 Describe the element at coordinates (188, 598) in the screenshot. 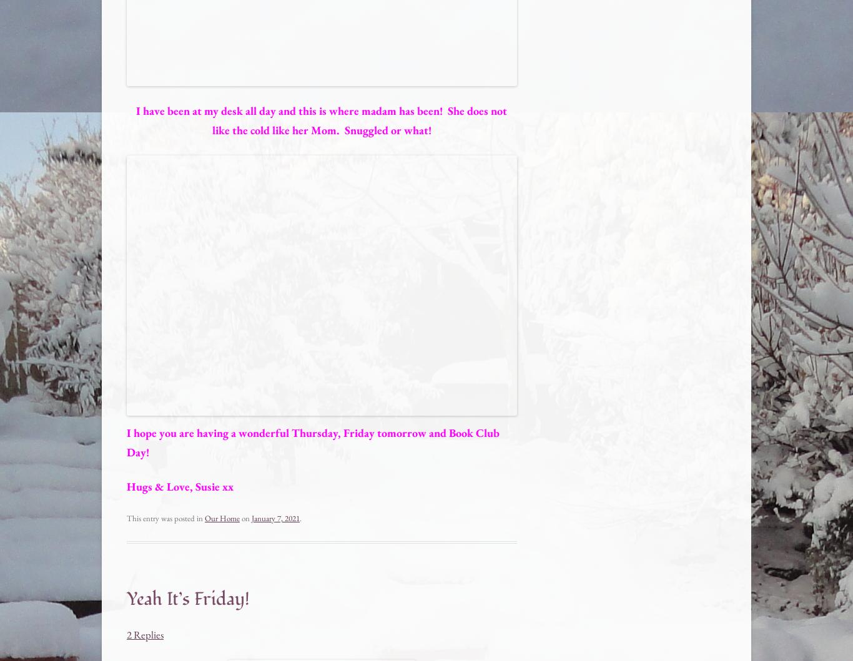

I see `'Yeah It’s Friday!'` at that location.